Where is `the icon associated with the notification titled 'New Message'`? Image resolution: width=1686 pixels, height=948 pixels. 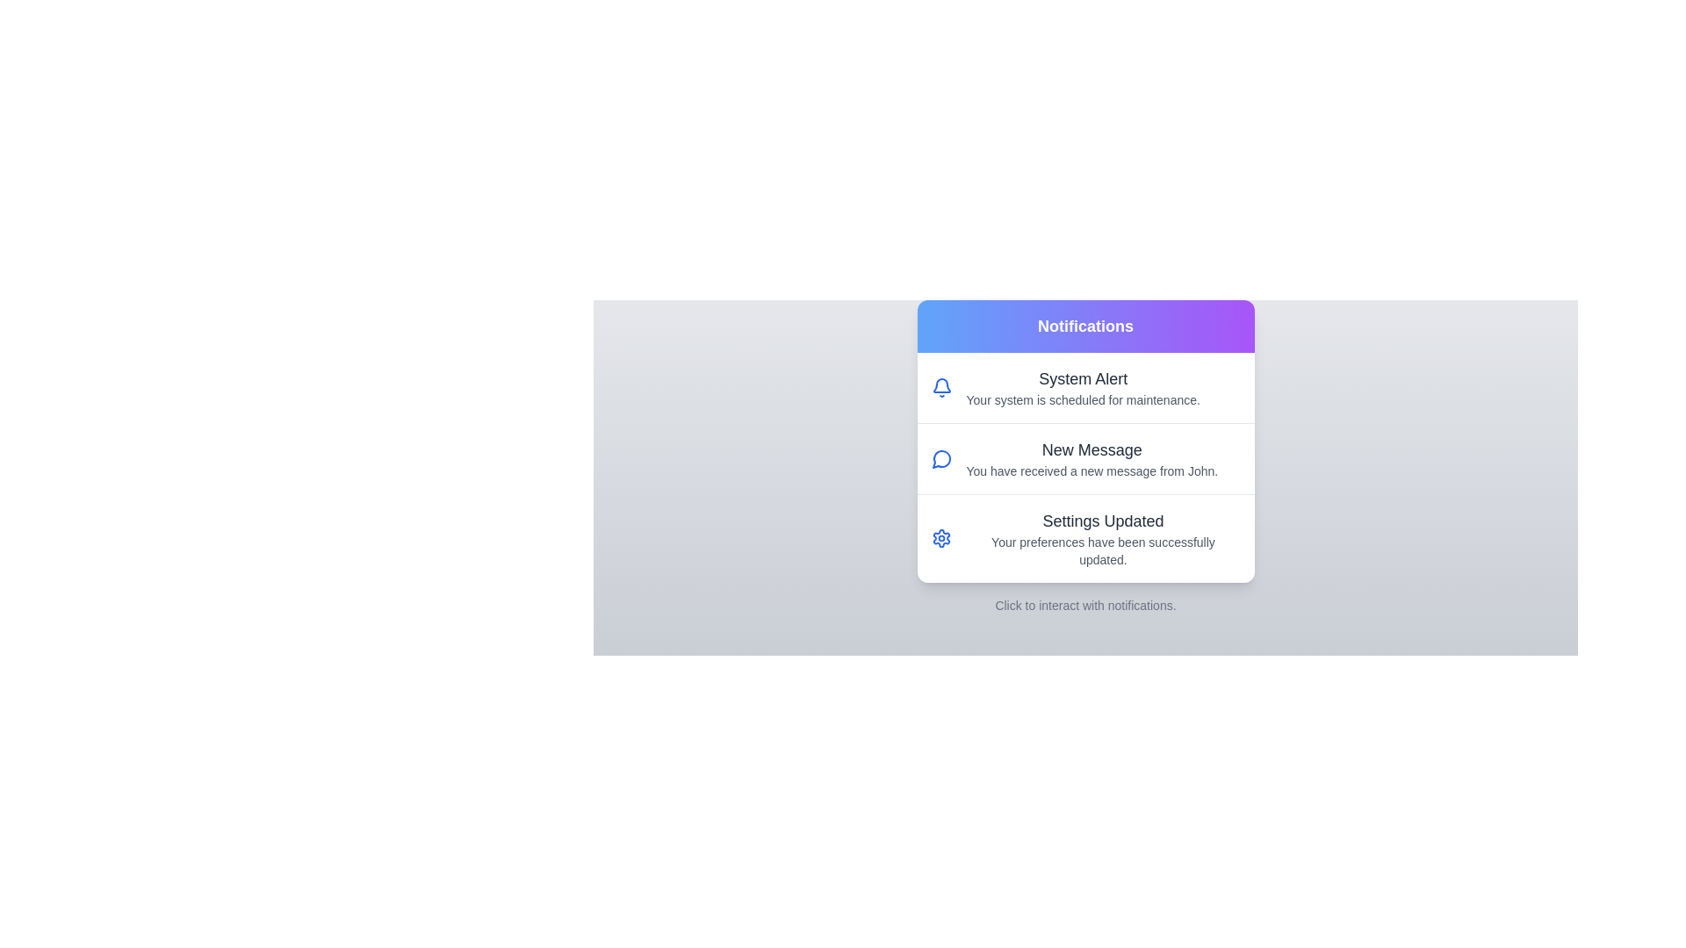 the icon associated with the notification titled 'New Message' is located at coordinates (940, 458).